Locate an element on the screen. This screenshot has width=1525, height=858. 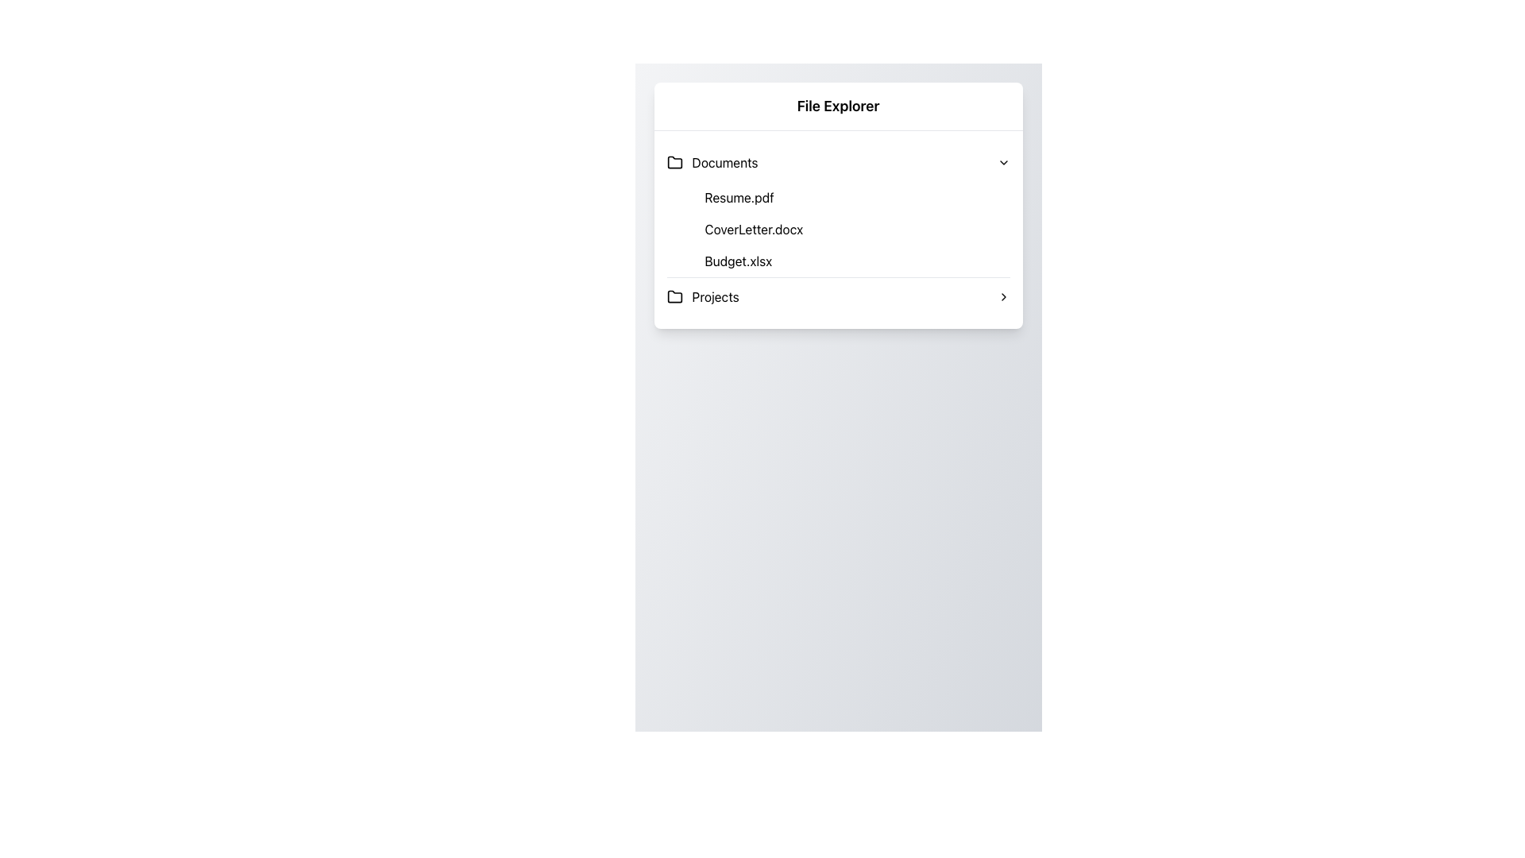
the central filename 'CoverLetter.docx' is located at coordinates (837, 230).